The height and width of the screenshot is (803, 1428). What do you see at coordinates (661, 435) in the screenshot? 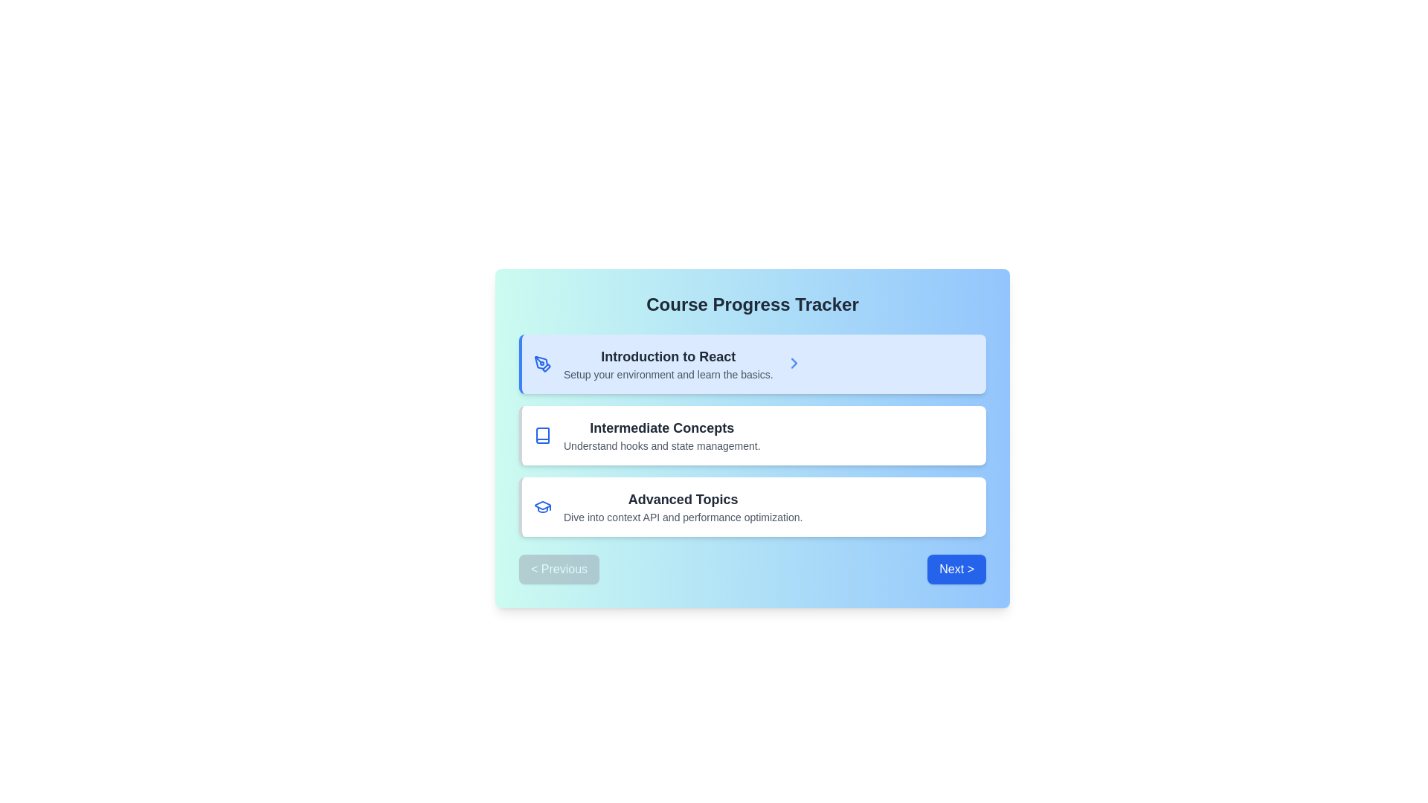
I see `the text block displaying 'Intermediate Concepts' with the subtitle 'Understand hooks and state management.'` at bounding box center [661, 435].